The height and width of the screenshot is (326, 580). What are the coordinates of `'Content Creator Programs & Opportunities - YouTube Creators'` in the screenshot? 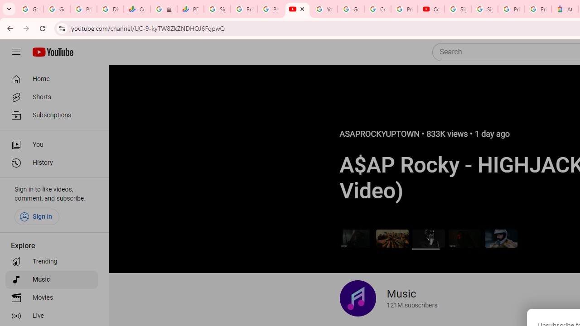 It's located at (430, 9).